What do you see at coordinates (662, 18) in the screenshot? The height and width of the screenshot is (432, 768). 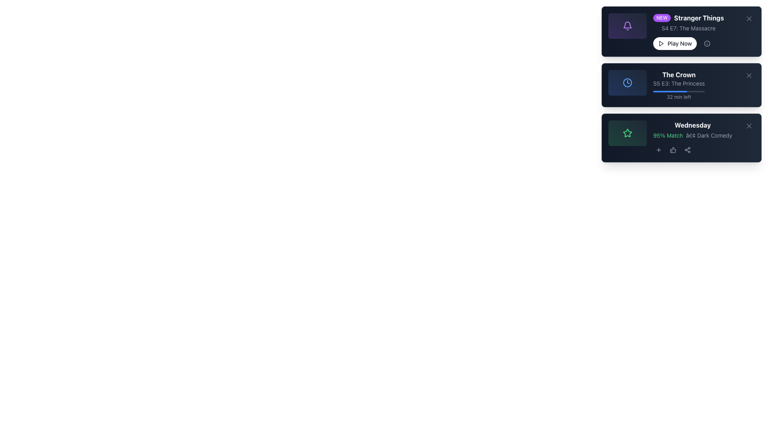 I see `the 'NEW' badge located at the top left corner of the 'Stranger Things' card, which is a small rectangular badge with rounded corners and a purple background` at bounding box center [662, 18].